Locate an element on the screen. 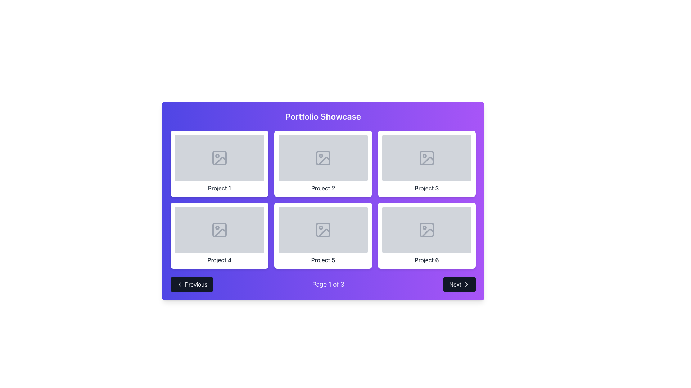 The width and height of the screenshot is (691, 388). the icon that serves as a placeholder or preview for an image associated with 'Project 2' in the Portfolio Showcase grid layout is located at coordinates (322, 157).